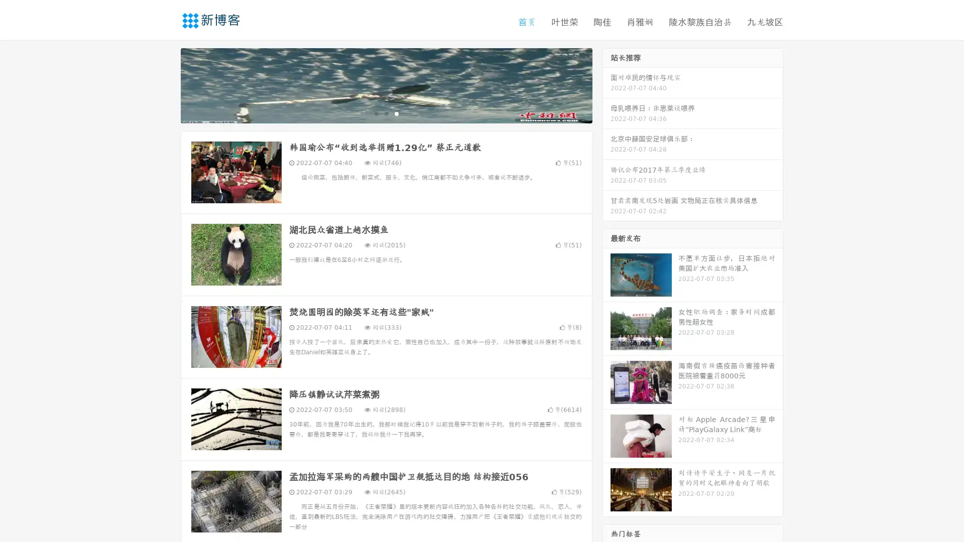 Image resolution: width=964 pixels, height=542 pixels. Describe the element at coordinates (376, 113) in the screenshot. I see `Go to slide 1` at that location.